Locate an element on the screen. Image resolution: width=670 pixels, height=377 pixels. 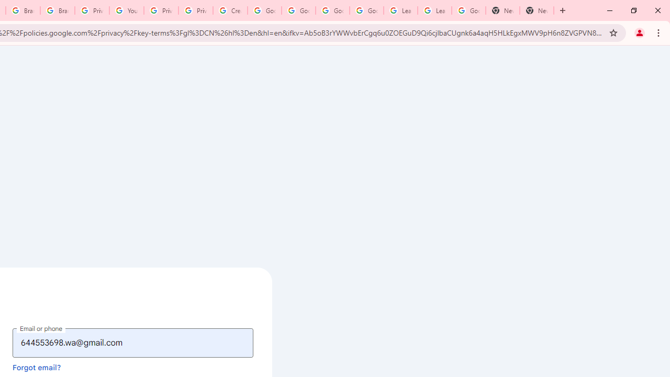
'Brand Resource Center' is located at coordinates (23, 10).